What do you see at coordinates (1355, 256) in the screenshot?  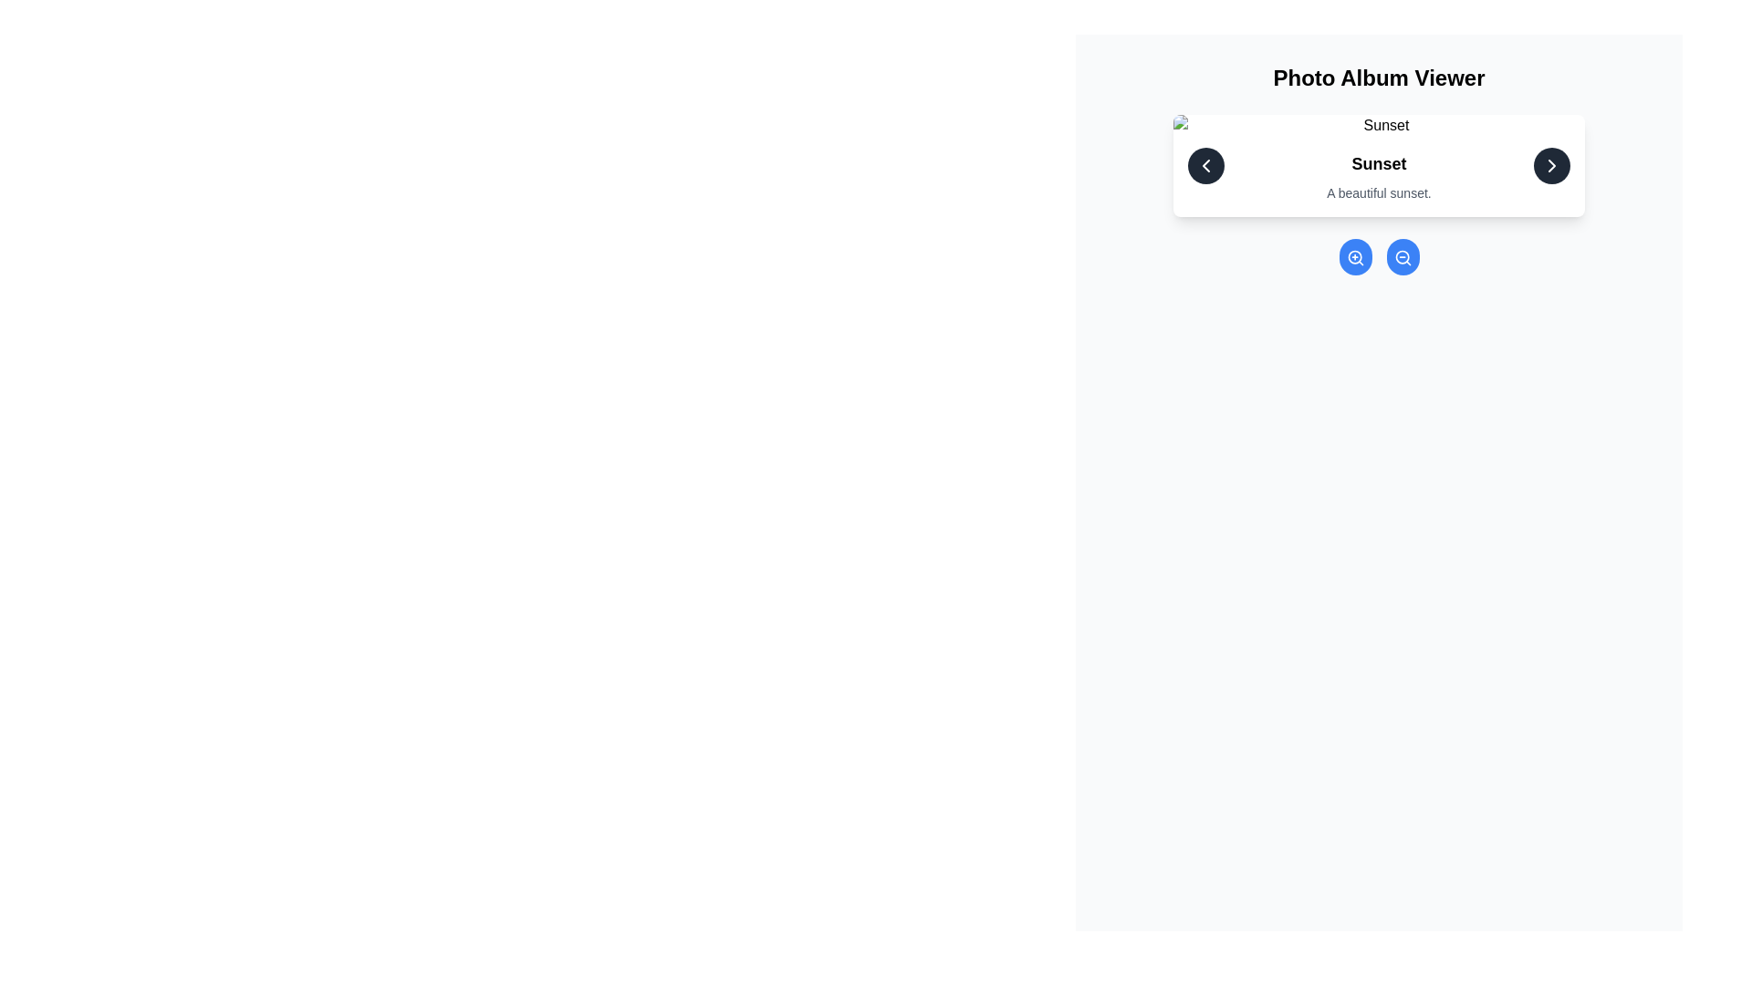 I see `the zoom in button located to the left of the zoom out button, centered below the photo and text description in the main content area` at bounding box center [1355, 256].